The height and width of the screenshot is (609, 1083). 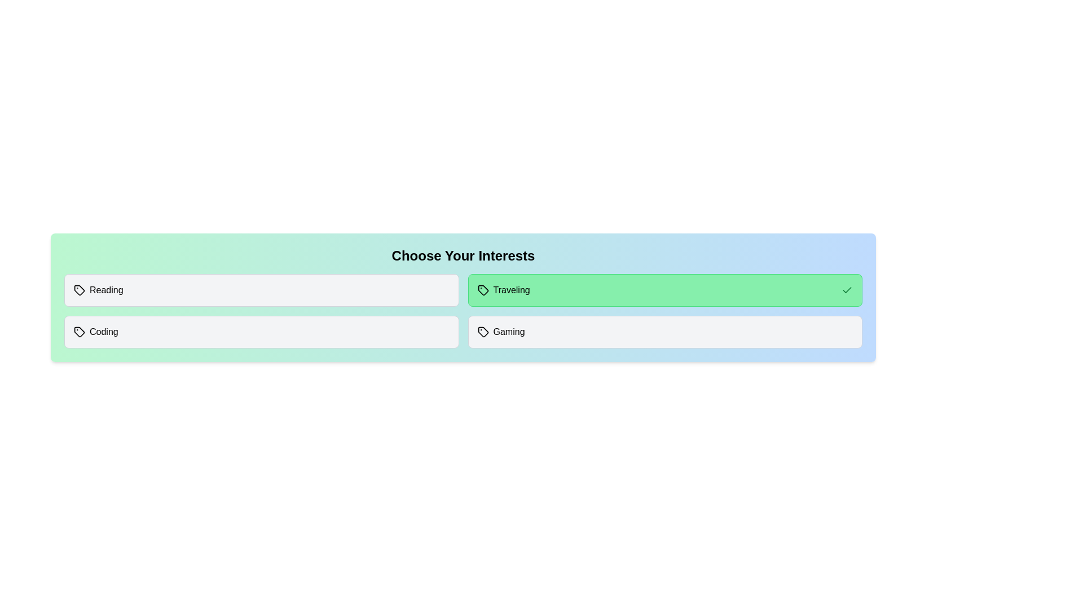 I want to click on the interest button labeled Gaming, so click(x=665, y=332).